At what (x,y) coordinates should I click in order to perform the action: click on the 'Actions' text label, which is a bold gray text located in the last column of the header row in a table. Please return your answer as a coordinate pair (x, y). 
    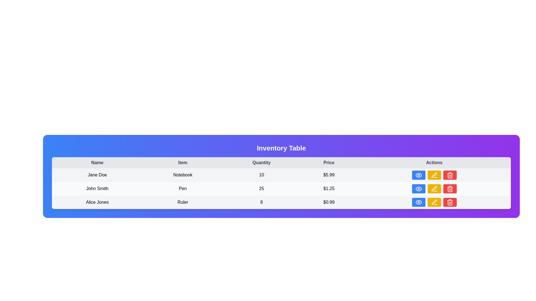
    Looking at the image, I should click on (434, 162).